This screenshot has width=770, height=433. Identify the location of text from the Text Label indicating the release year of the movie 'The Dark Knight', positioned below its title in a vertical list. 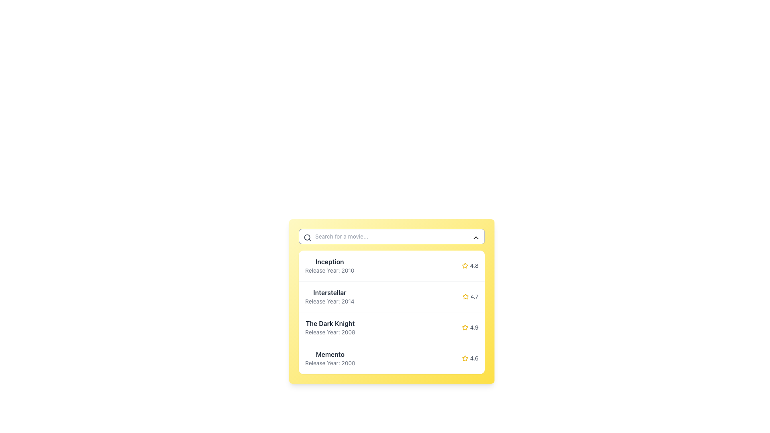
(330, 332).